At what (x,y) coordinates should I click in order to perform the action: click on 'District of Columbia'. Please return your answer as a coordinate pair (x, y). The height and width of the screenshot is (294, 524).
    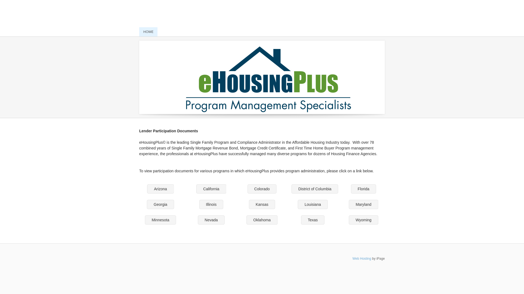
    Looking at the image, I should click on (315, 189).